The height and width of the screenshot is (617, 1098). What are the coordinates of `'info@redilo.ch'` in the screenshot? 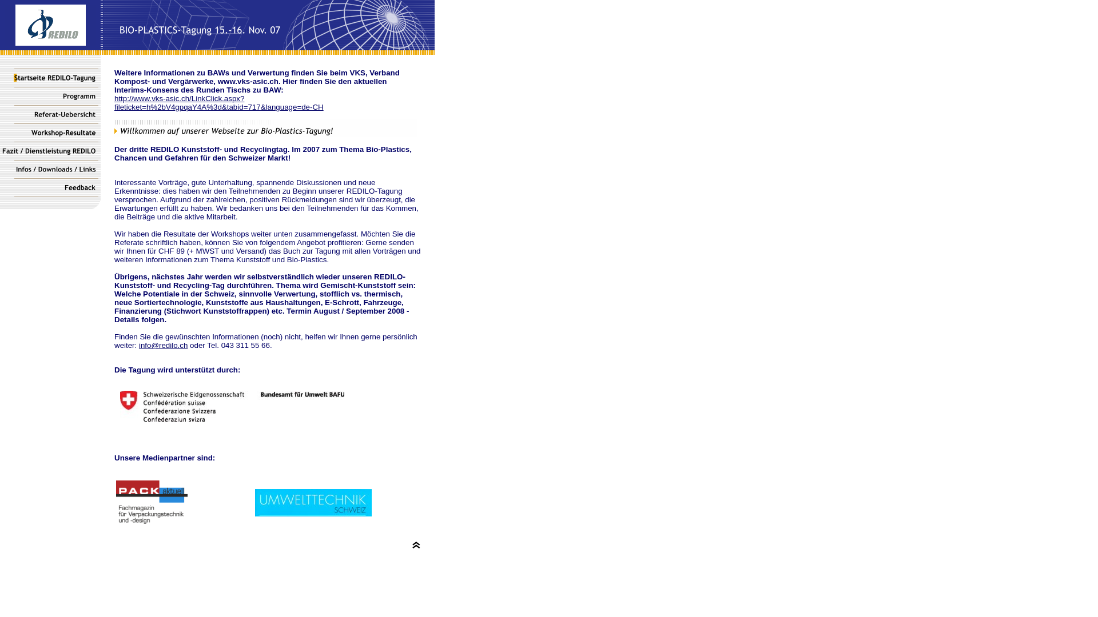 It's located at (162, 344).